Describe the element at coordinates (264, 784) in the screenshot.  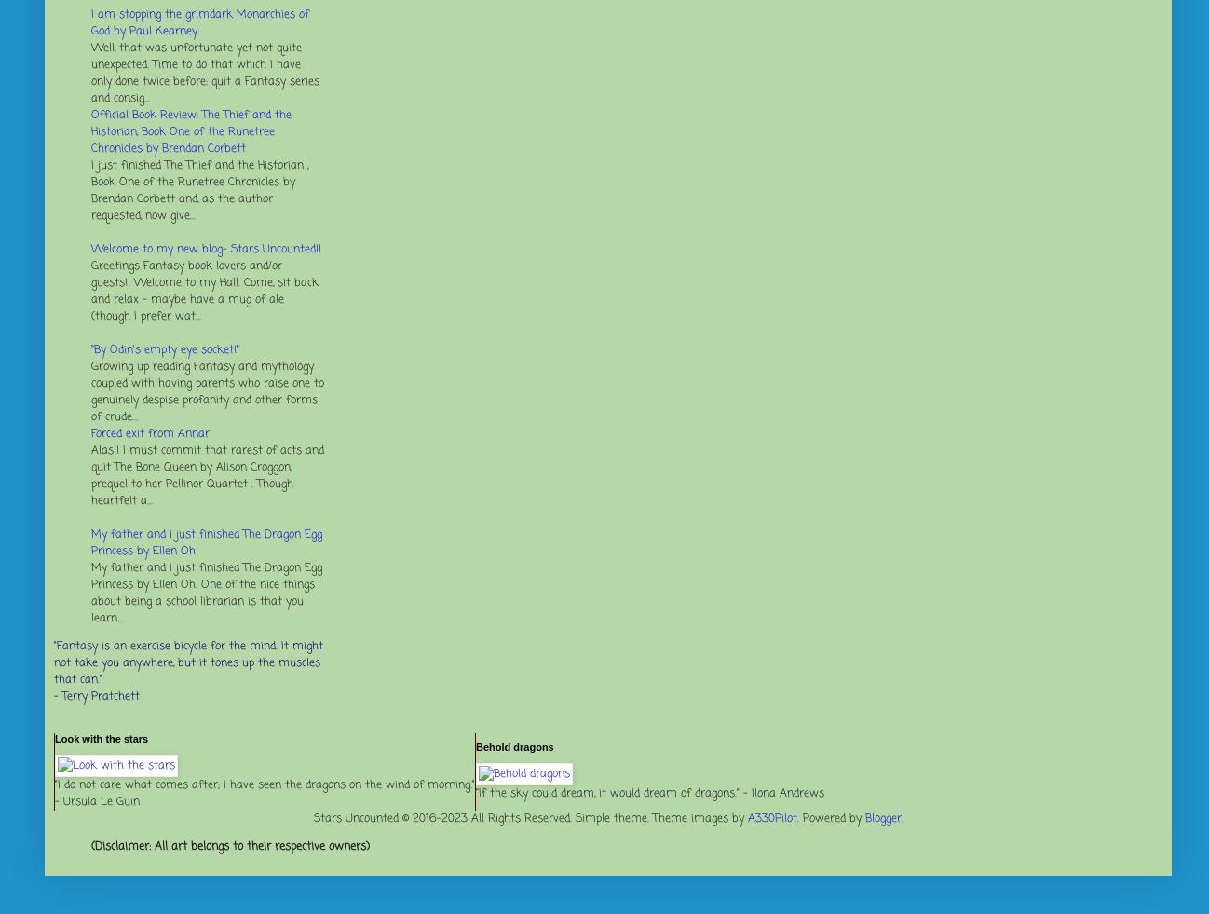
I see `'“I do not care what comes after; I have seen the dragons on the wind of morning.”'` at that location.